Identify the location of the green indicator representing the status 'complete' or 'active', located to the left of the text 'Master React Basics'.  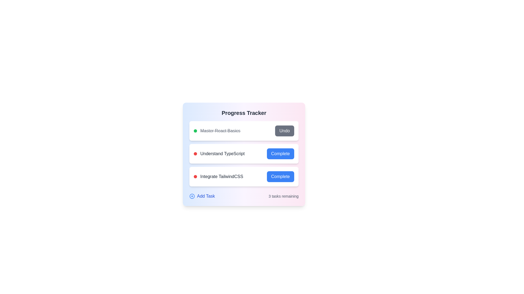
(195, 131).